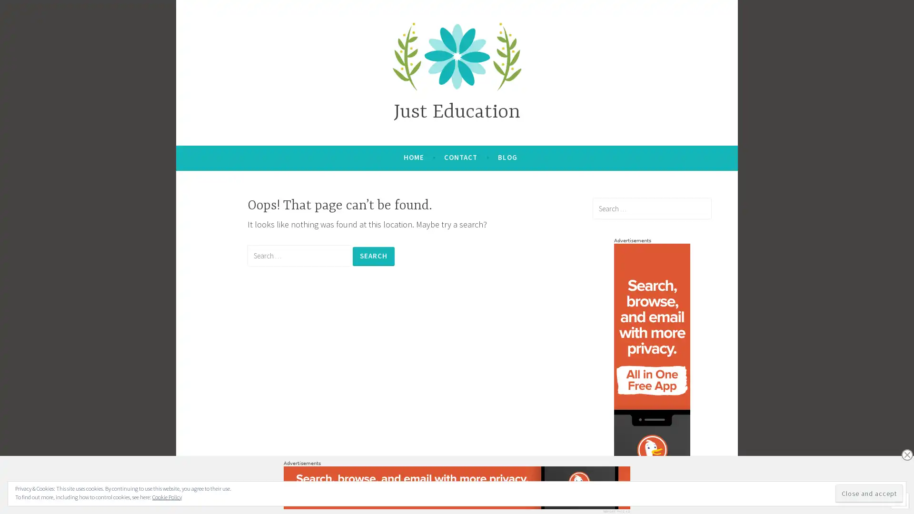  What do you see at coordinates (869, 493) in the screenshot?
I see `Close and accept` at bounding box center [869, 493].